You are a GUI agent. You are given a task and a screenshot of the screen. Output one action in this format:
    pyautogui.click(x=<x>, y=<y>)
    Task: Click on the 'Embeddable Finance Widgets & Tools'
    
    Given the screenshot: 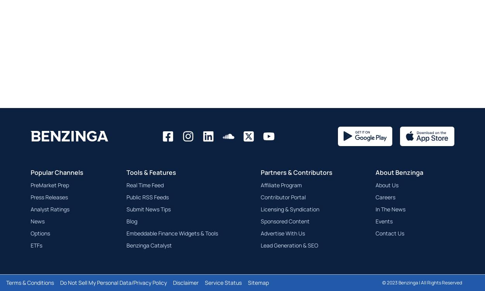 What is the action you would take?
    pyautogui.click(x=171, y=232)
    